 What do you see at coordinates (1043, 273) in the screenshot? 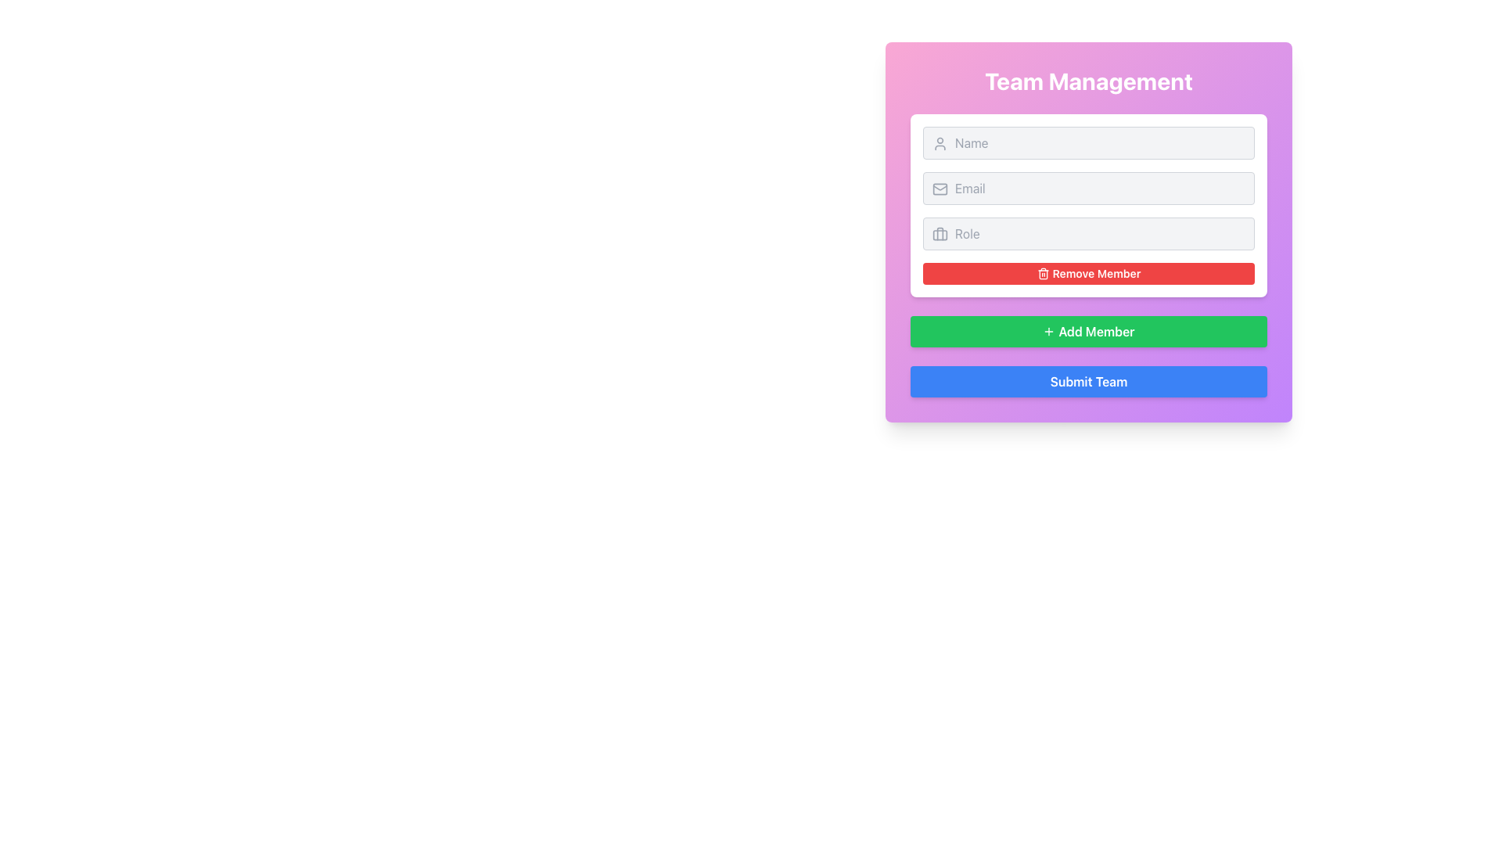
I see `the small trash icon within the 'Remove Member' button` at bounding box center [1043, 273].